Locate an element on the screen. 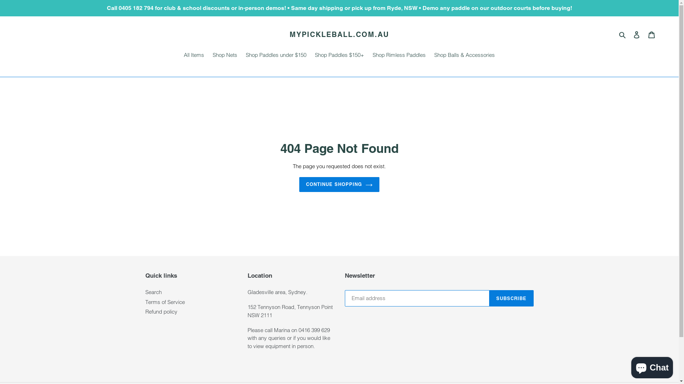  'Shop Paddles $150+' is located at coordinates (339, 55).